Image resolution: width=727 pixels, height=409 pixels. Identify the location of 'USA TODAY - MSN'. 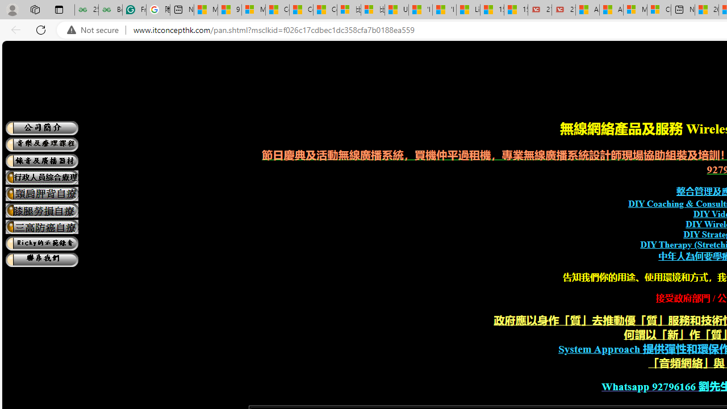
(396, 10).